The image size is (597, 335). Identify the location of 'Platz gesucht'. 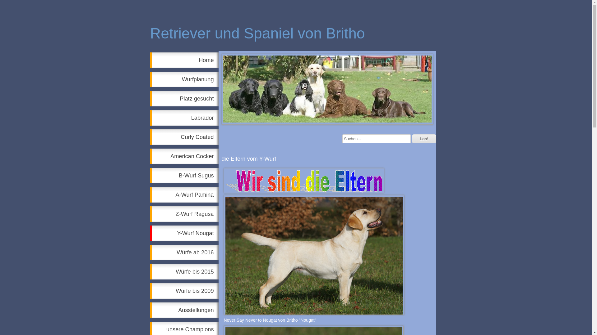
(183, 98).